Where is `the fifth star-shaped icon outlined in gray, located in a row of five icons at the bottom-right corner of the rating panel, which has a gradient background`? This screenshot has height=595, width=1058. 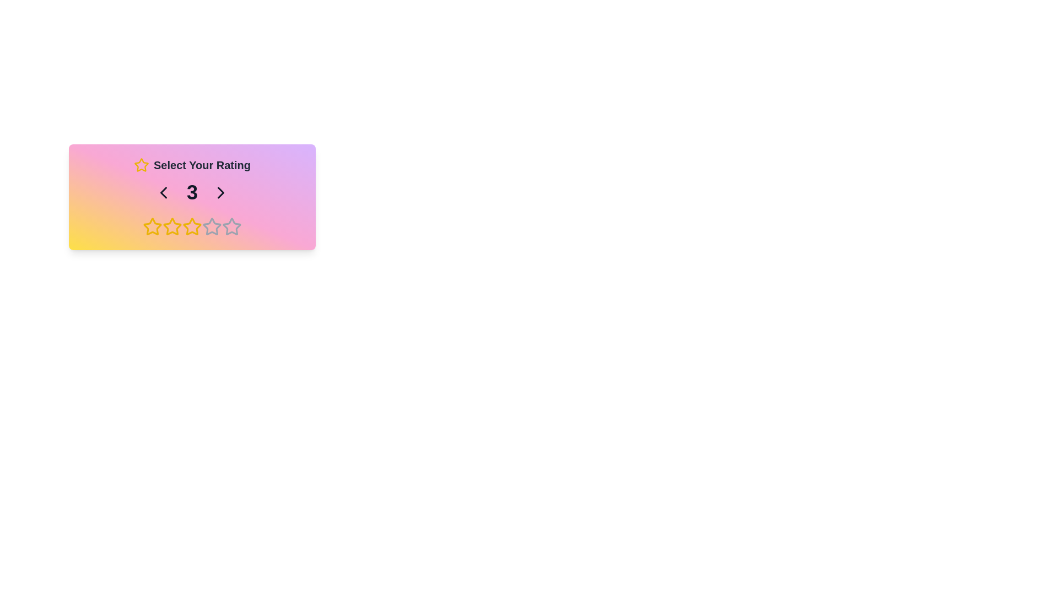 the fifth star-shaped icon outlined in gray, located in a row of five icons at the bottom-right corner of the rating panel, which has a gradient background is located at coordinates (231, 226).